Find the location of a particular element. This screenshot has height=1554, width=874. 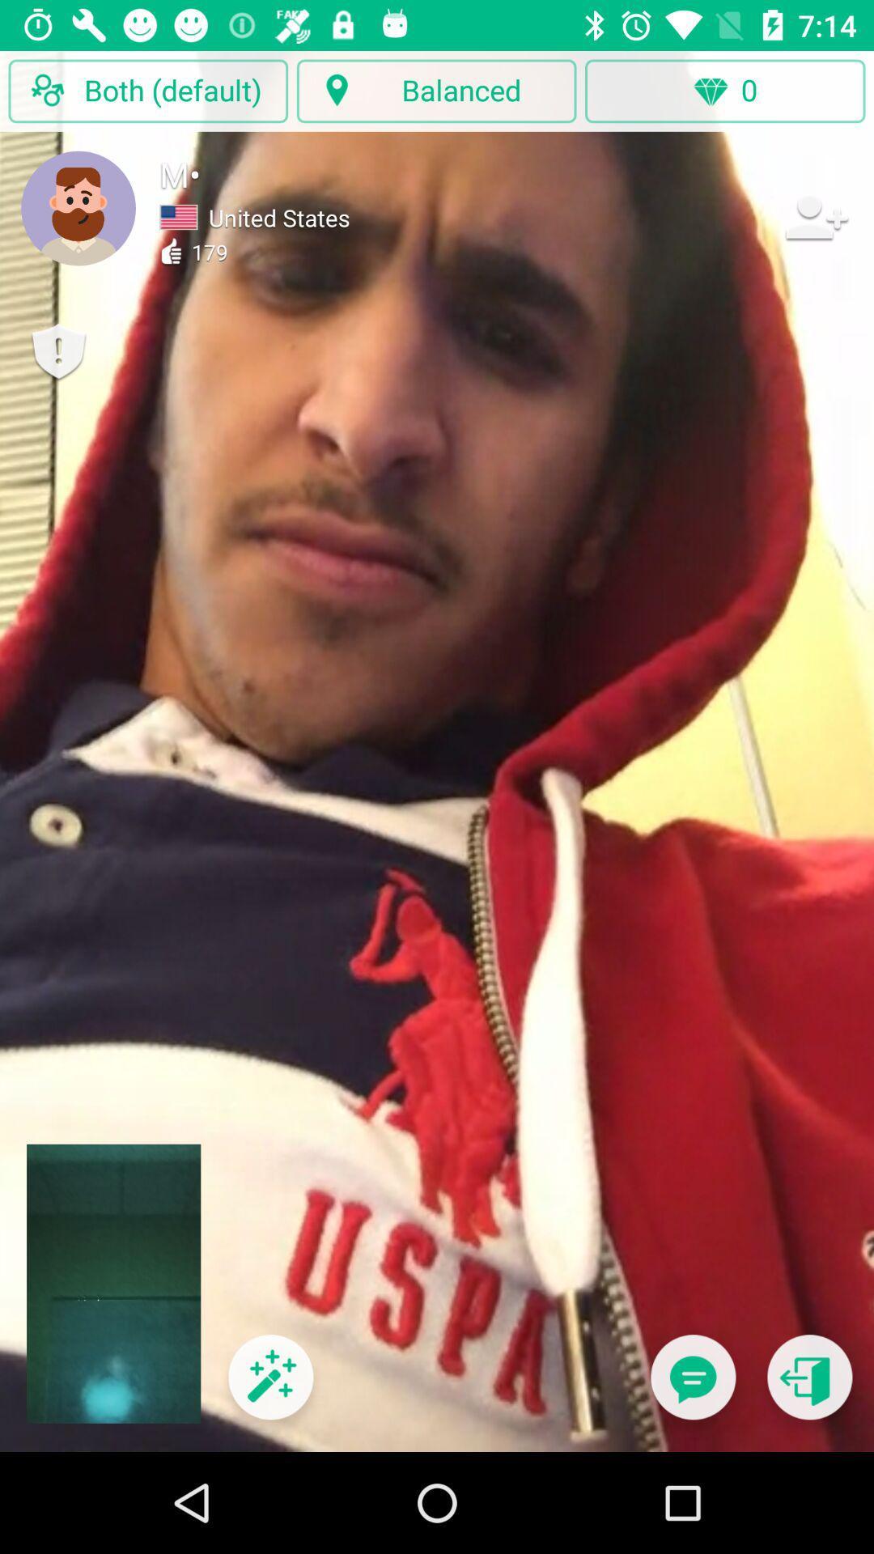

the button is used to talk to an suporter is located at coordinates (692, 1386).